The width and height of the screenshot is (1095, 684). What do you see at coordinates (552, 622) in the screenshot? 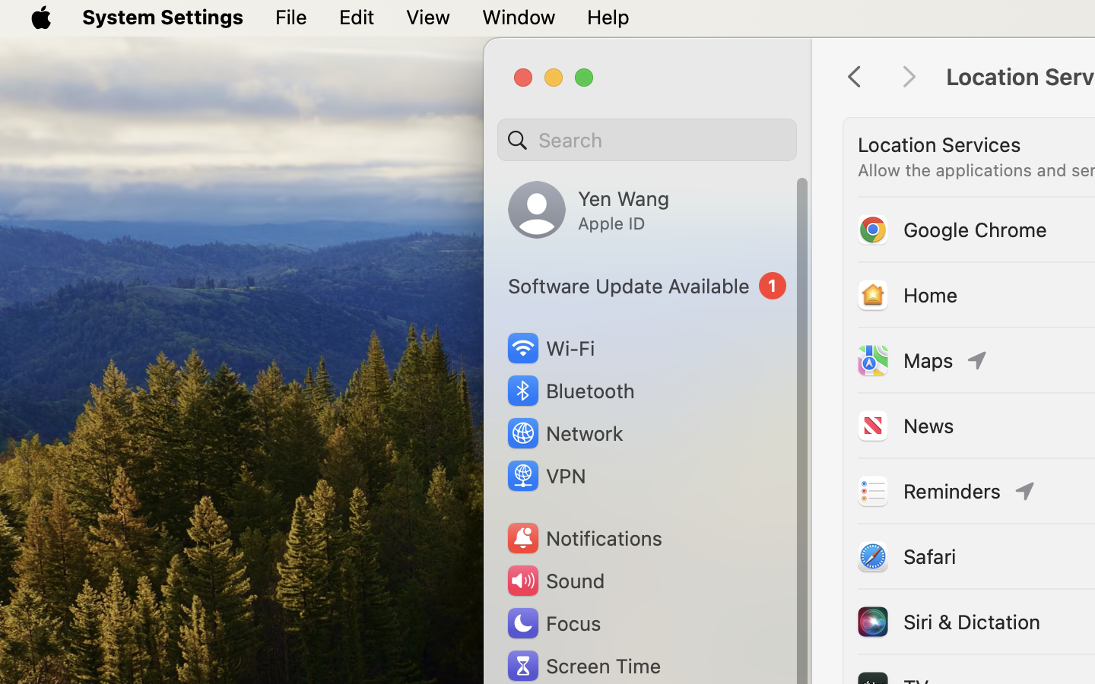
I see `'Focus'` at bounding box center [552, 622].